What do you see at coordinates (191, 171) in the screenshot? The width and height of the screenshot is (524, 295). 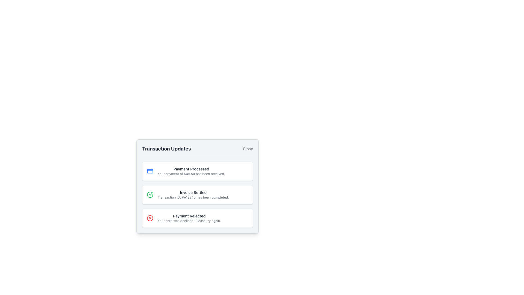 I see `payment confirmation message displayed in the text block containing the heading 'Payment Processed' and the description 'Your payment of $45.50 has been received.'` at bounding box center [191, 171].